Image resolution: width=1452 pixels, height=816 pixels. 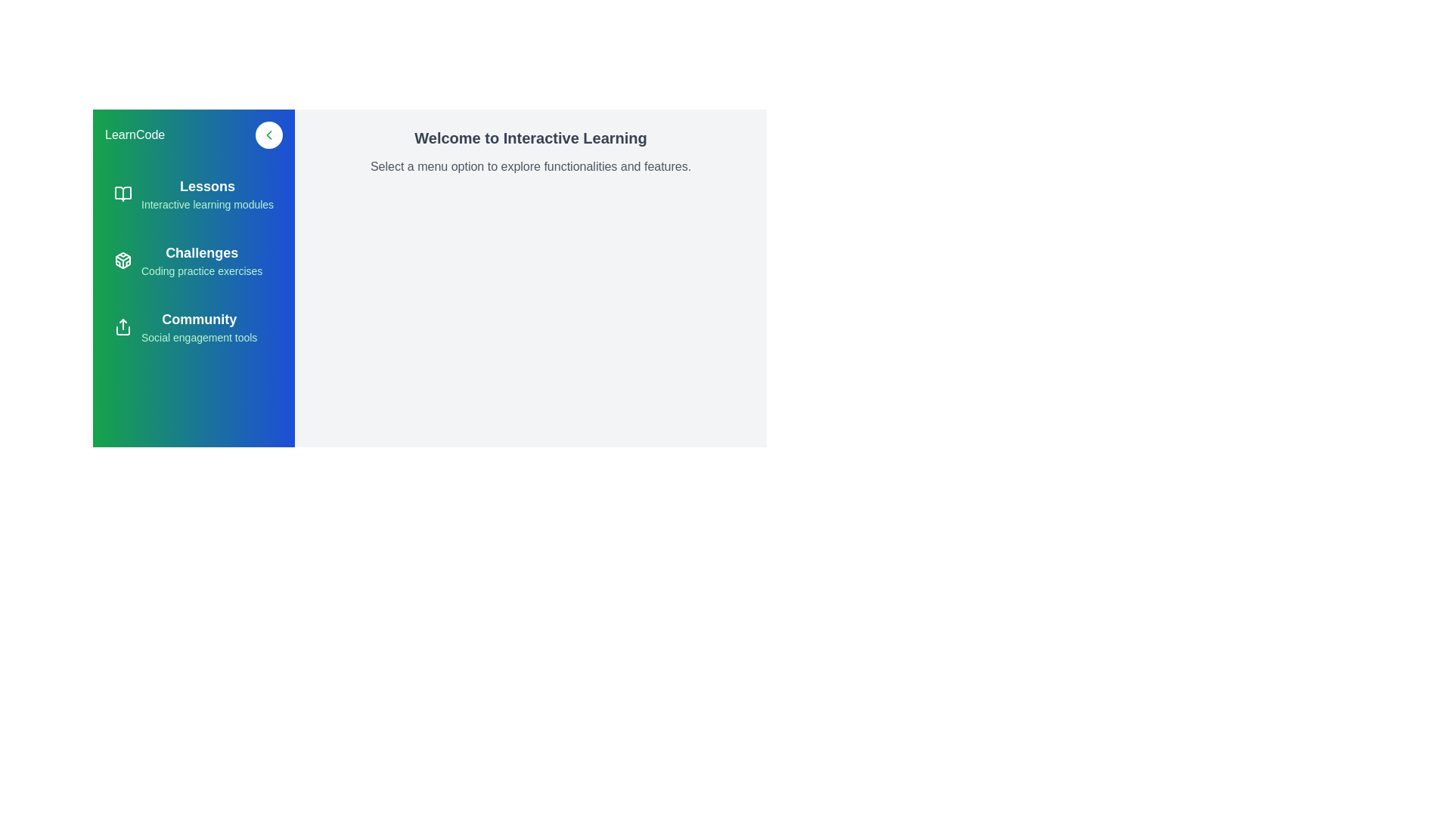 What do you see at coordinates (193, 259) in the screenshot?
I see `the Challenges section to explore its functionalities` at bounding box center [193, 259].